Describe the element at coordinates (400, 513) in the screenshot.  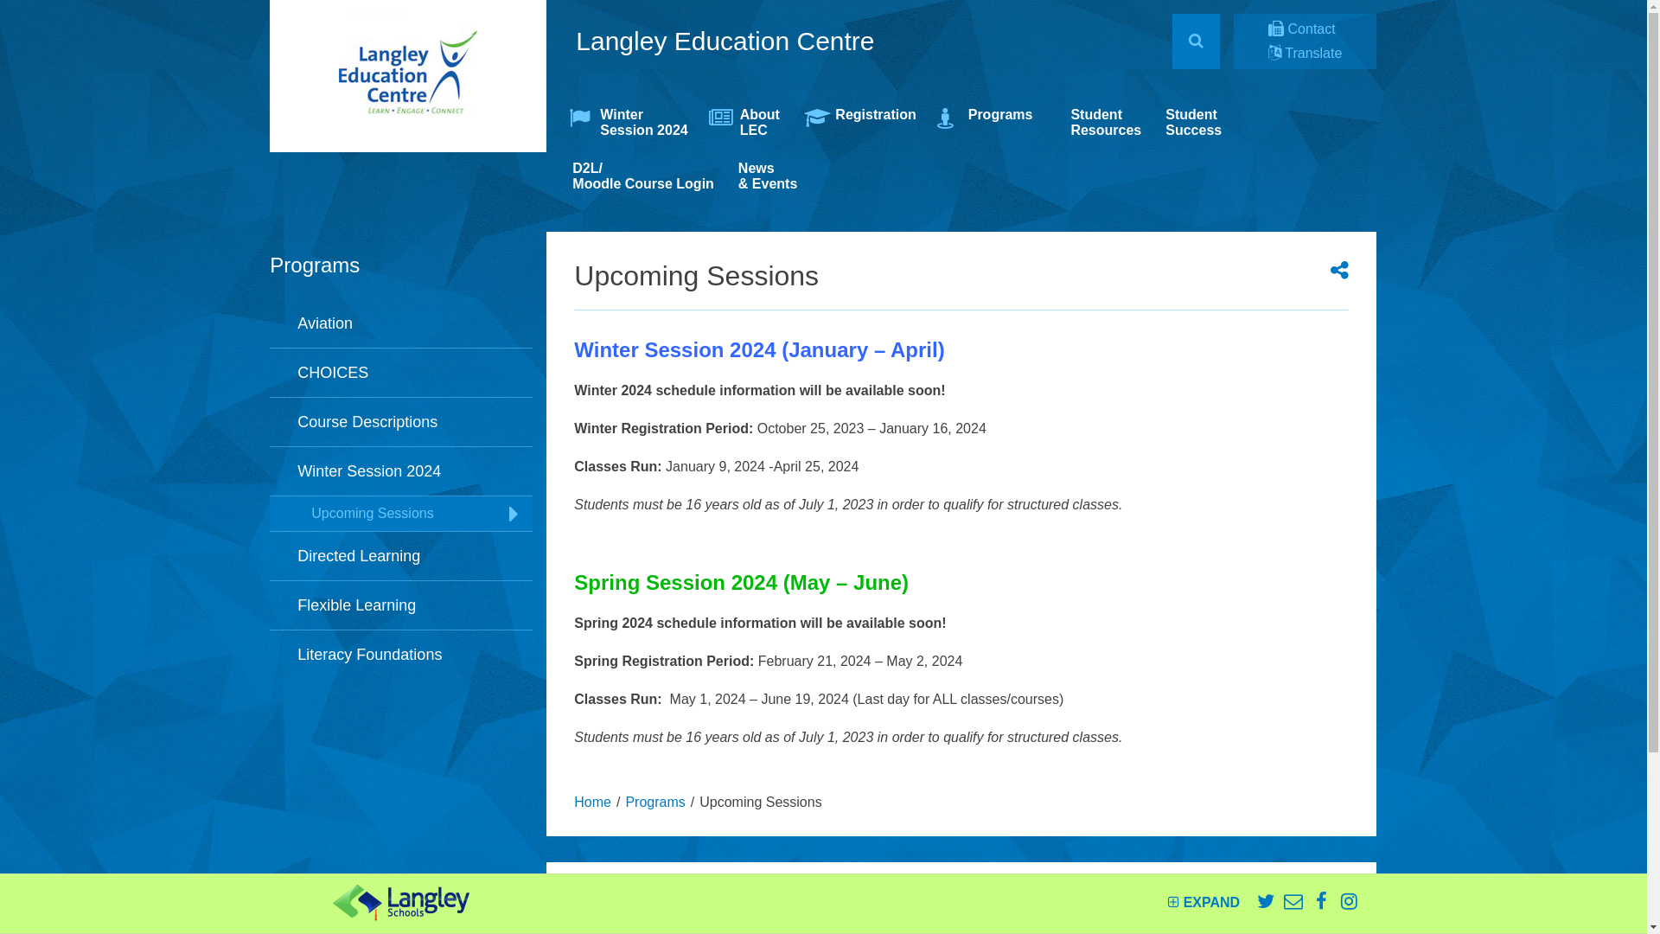
I see `'Upcoming Sessions'` at that location.